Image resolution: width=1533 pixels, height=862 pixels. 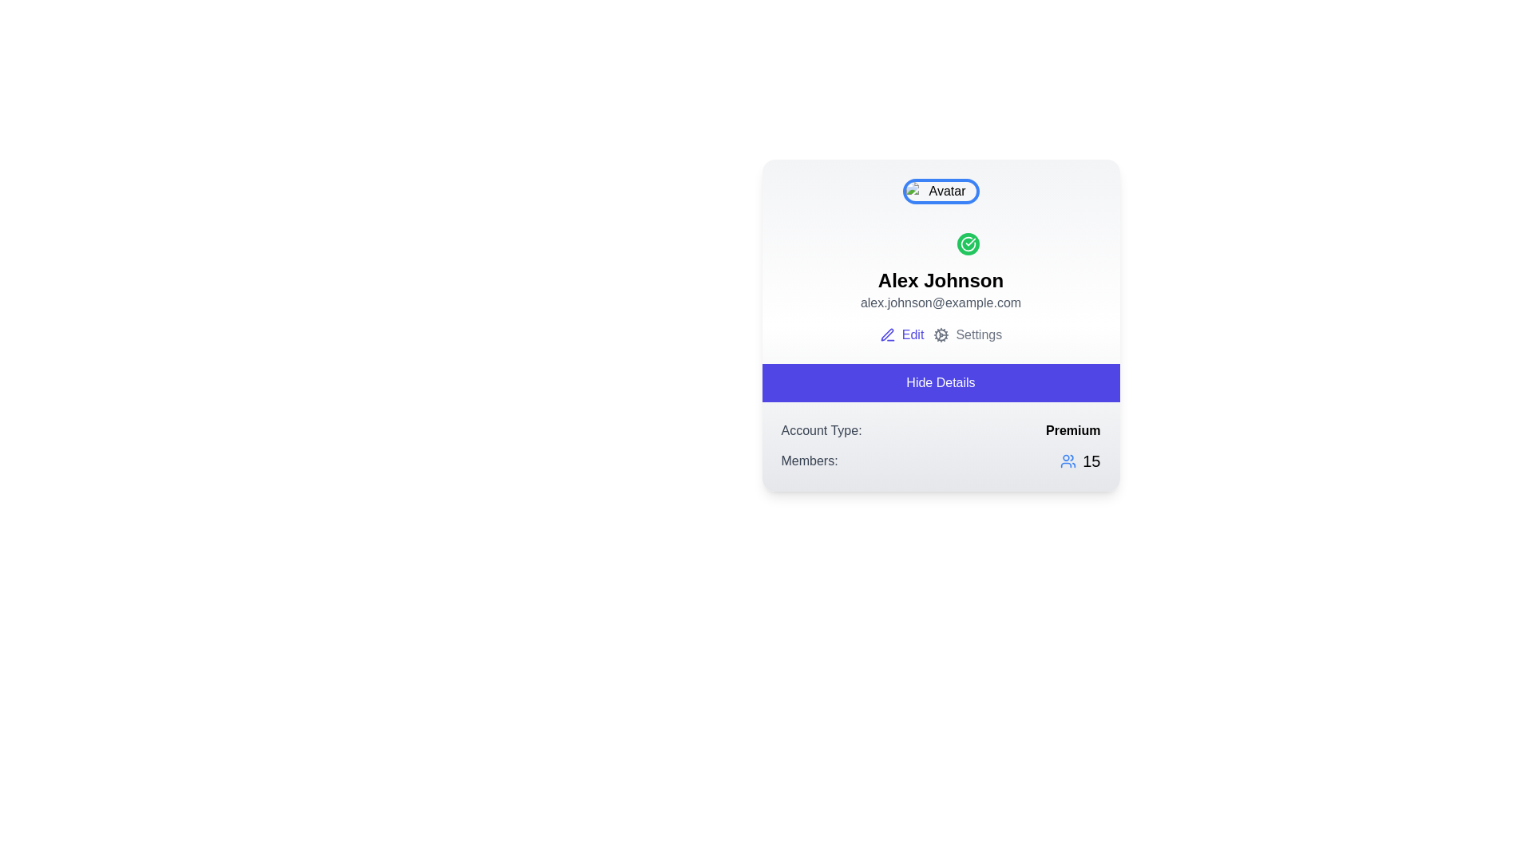 What do you see at coordinates (810, 461) in the screenshot?
I see `the static text label 'Members:' which is styled in gray and is positioned to the far left of a numerical value and an icon` at bounding box center [810, 461].